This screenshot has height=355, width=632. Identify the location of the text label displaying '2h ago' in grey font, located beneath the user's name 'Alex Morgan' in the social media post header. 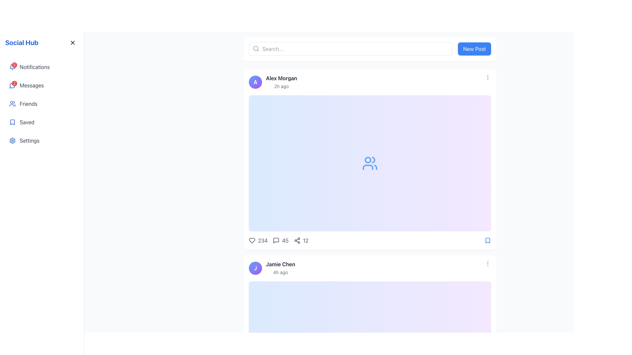
(281, 86).